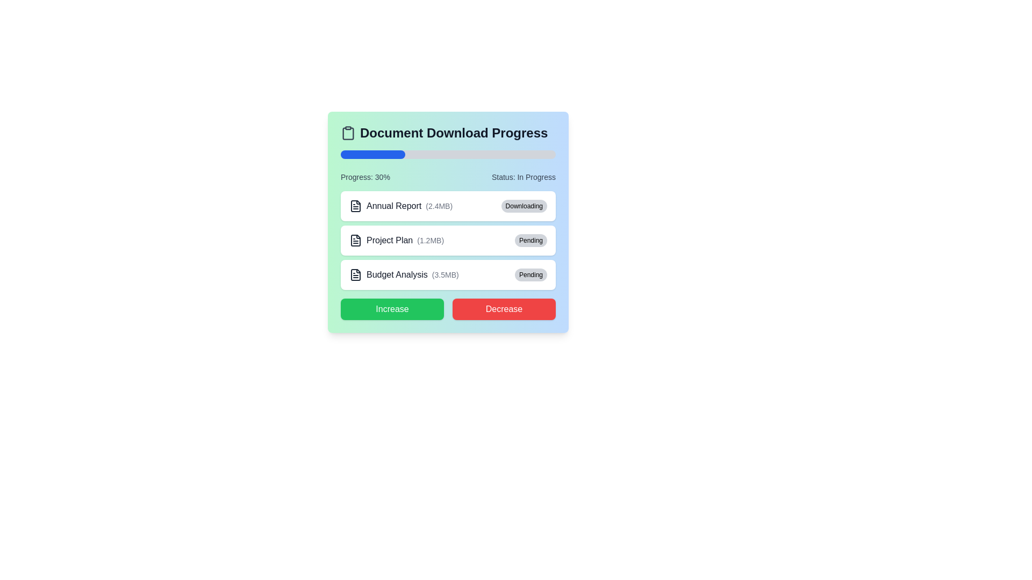  I want to click on the clipboard icon located in the header section labeled 'Document Download Progress', so click(348, 132).